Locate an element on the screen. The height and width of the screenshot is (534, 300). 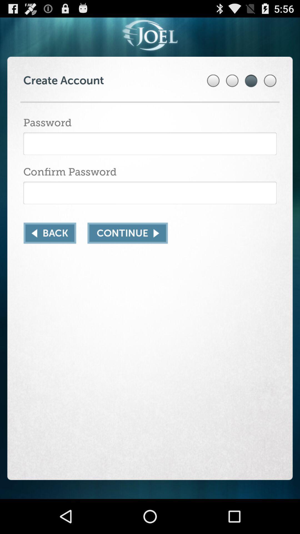
continue is located at coordinates (127, 233).